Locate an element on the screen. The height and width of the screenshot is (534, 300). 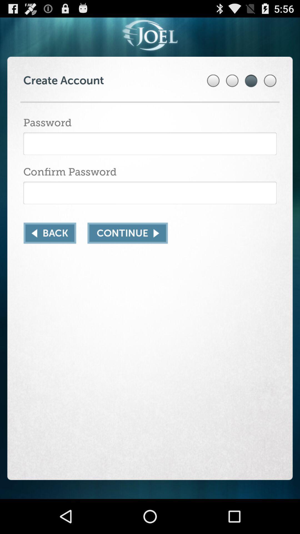
continue is located at coordinates (127, 233).